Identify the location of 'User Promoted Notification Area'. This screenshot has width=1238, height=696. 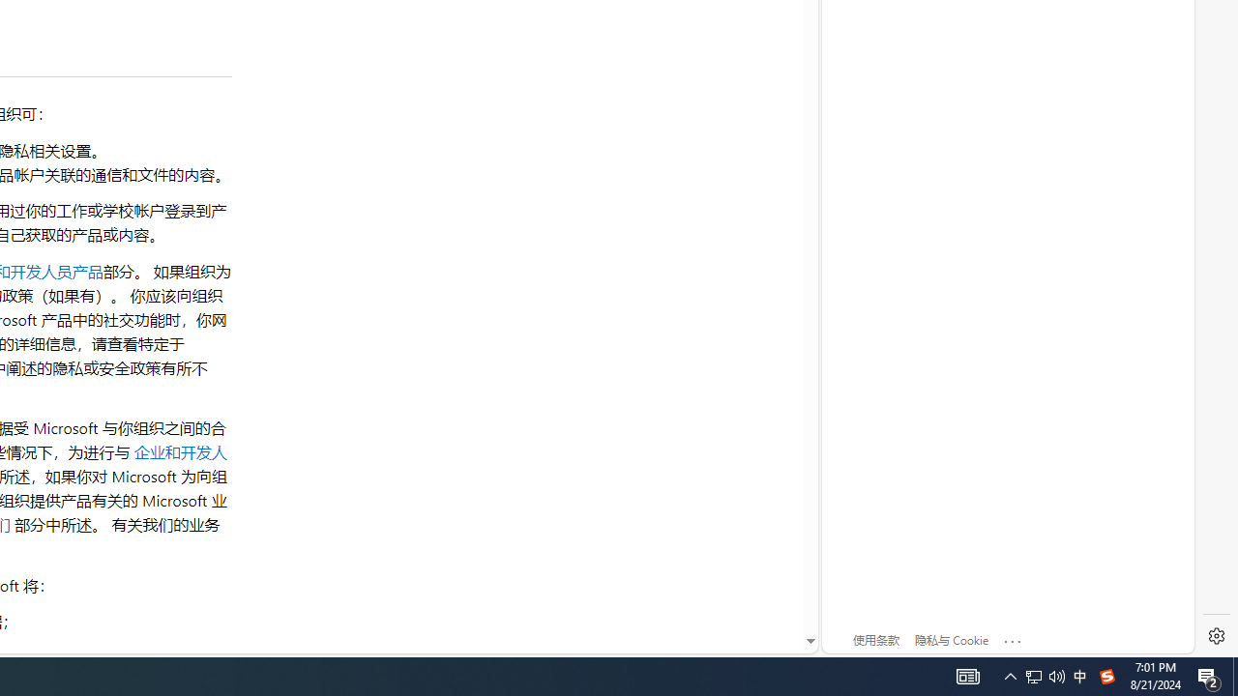
(1044, 675).